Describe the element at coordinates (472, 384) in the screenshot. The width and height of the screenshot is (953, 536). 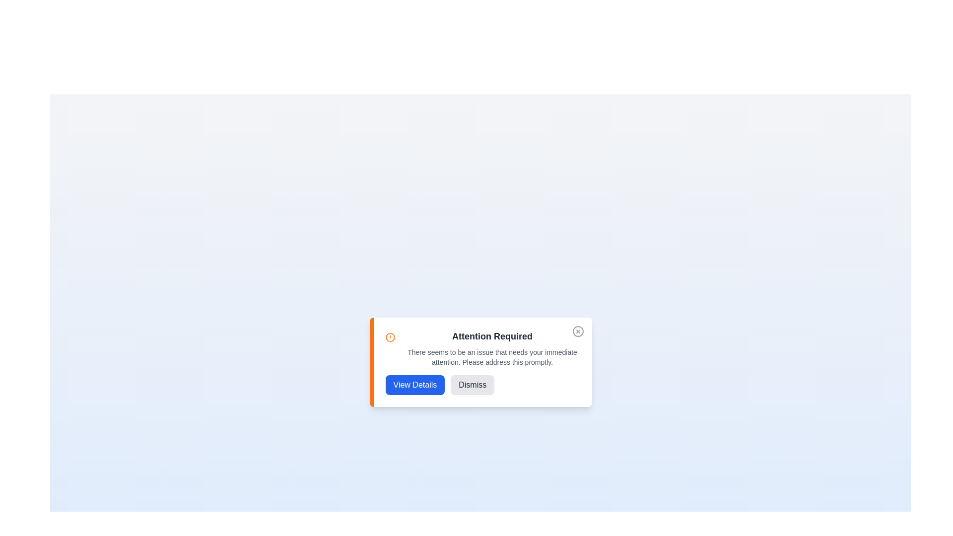
I see `the 'Dismiss' button to dismiss the alert` at that location.